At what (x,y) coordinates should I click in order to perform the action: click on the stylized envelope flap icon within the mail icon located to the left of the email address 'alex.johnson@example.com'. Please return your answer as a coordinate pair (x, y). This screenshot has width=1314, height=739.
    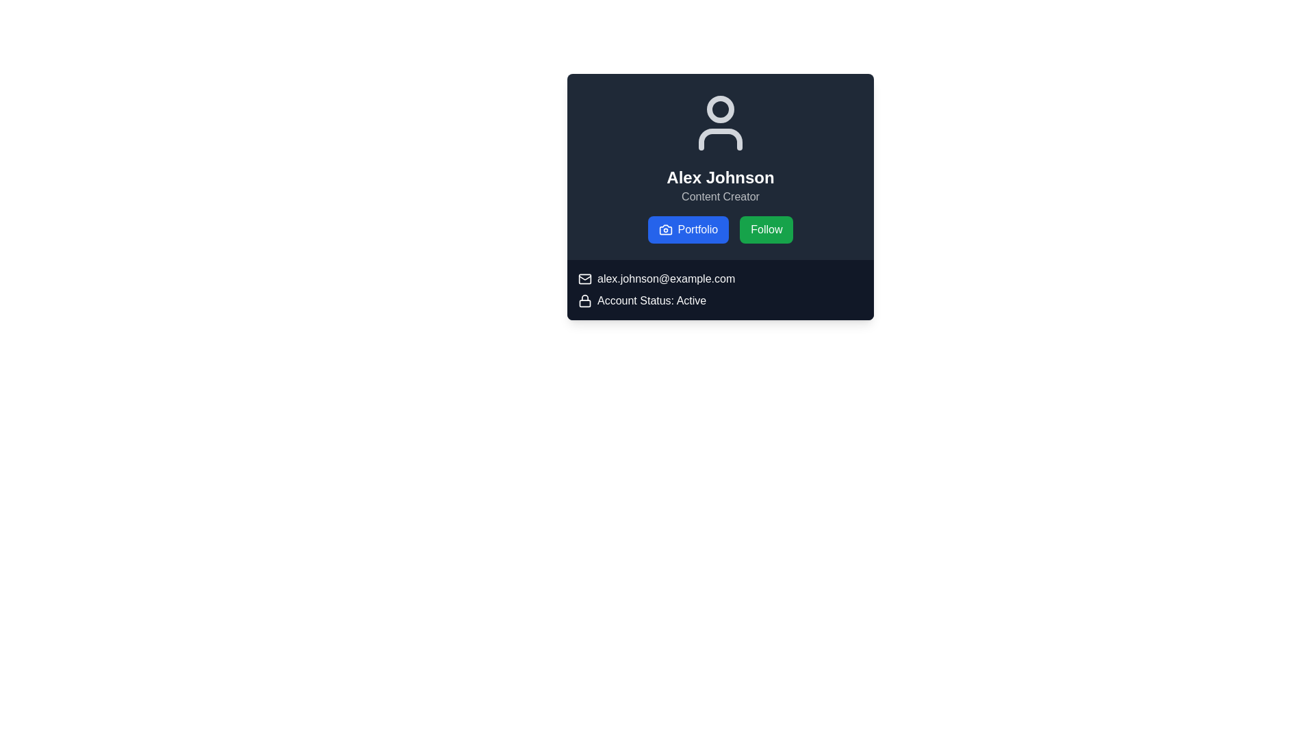
    Looking at the image, I should click on (584, 277).